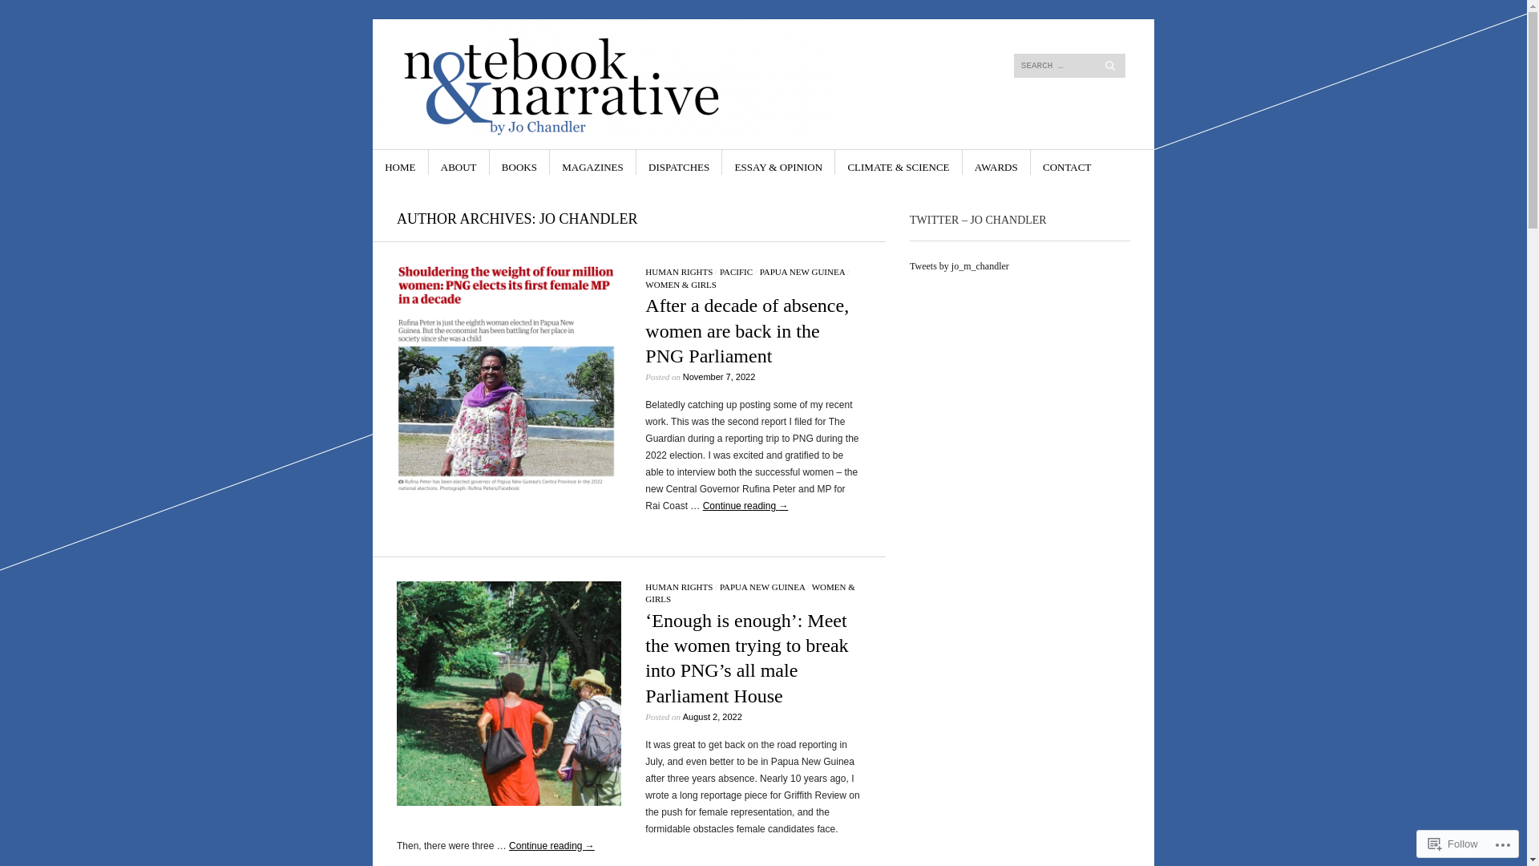 Image resolution: width=1539 pixels, height=866 pixels. Describe the element at coordinates (678, 162) in the screenshot. I see `'DISPATCHES'` at that location.